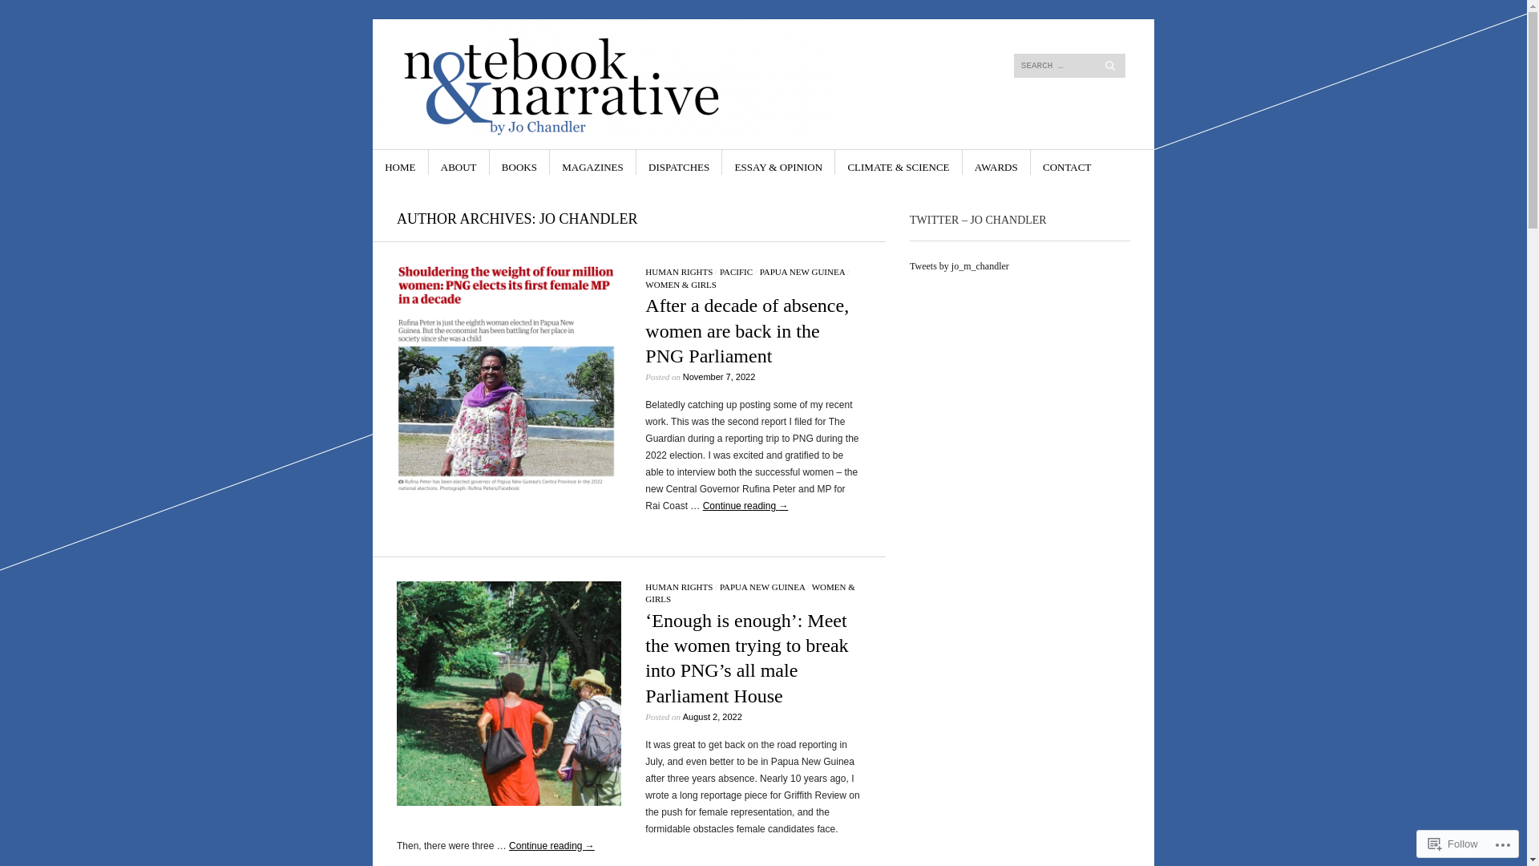 Image resolution: width=1539 pixels, height=866 pixels. Describe the element at coordinates (678, 162) in the screenshot. I see `'DISPATCHES'` at that location.